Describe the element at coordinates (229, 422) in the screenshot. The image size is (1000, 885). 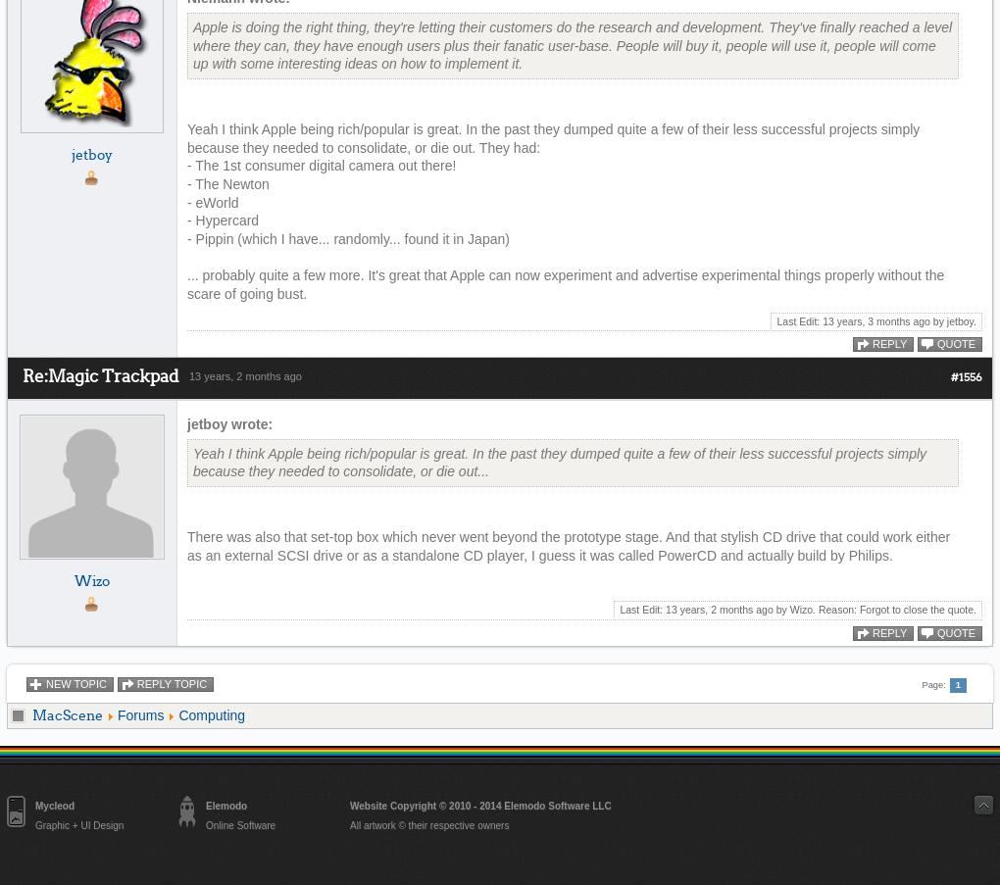
I see `'jetboy wrote:'` at that location.